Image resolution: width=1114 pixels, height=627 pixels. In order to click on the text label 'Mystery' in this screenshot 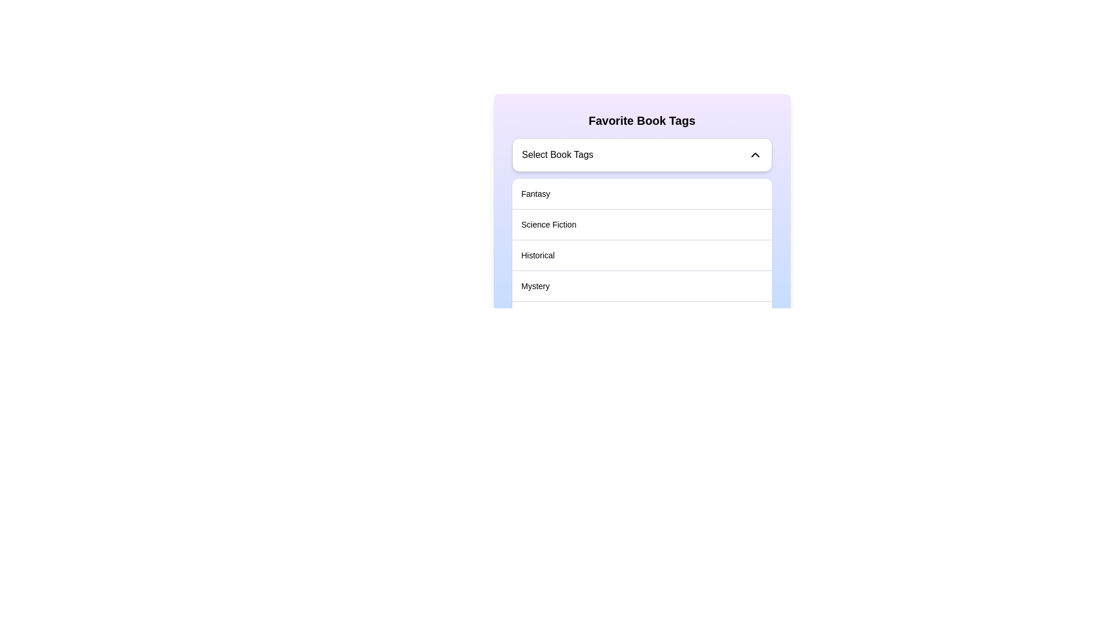, I will do `click(534, 286)`.